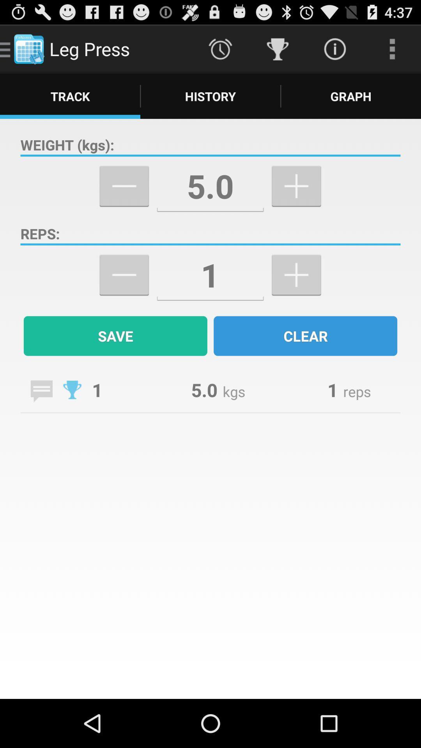  Describe the element at coordinates (41, 391) in the screenshot. I see `comment` at that location.